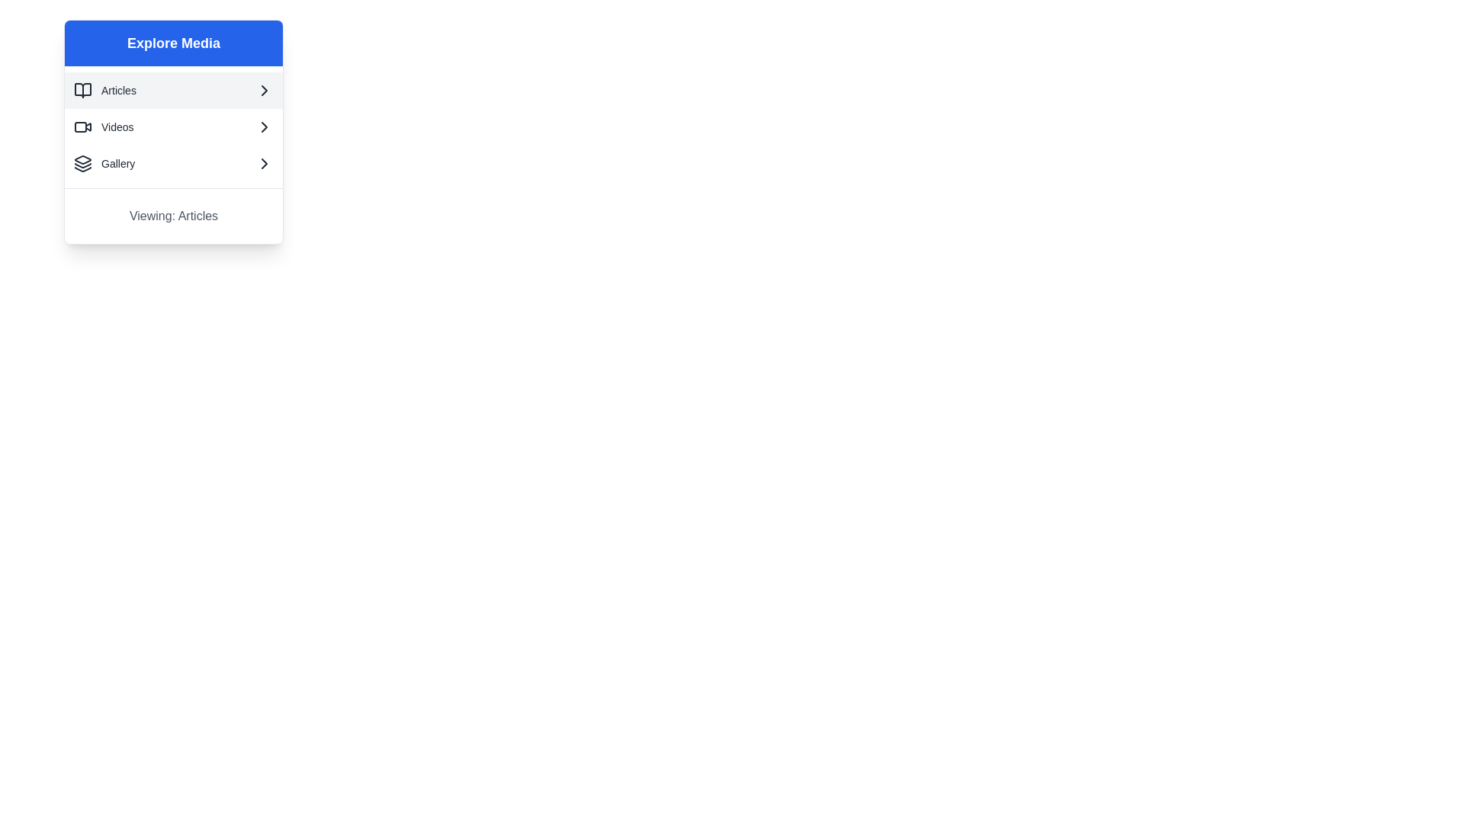  I want to click on the Chevron Right icon located in the menu options under the 'Gallery' label, which is the third item in the vertical list, so click(264, 164).